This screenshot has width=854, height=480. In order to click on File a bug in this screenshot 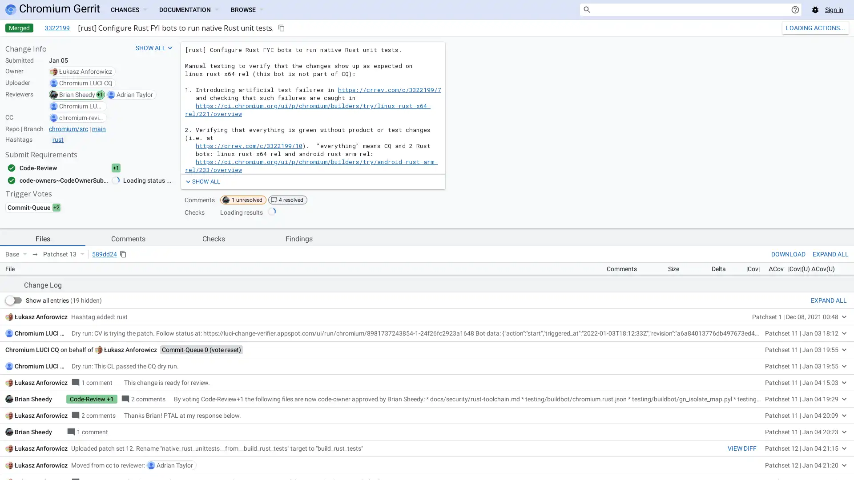, I will do `click(815, 10)`.